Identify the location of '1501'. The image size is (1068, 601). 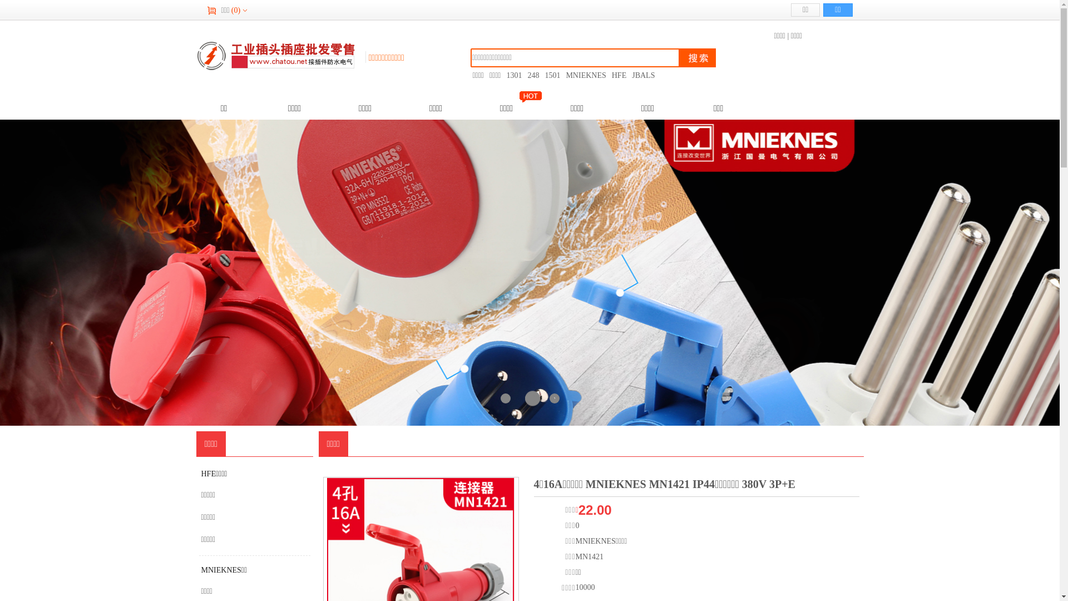
(552, 75).